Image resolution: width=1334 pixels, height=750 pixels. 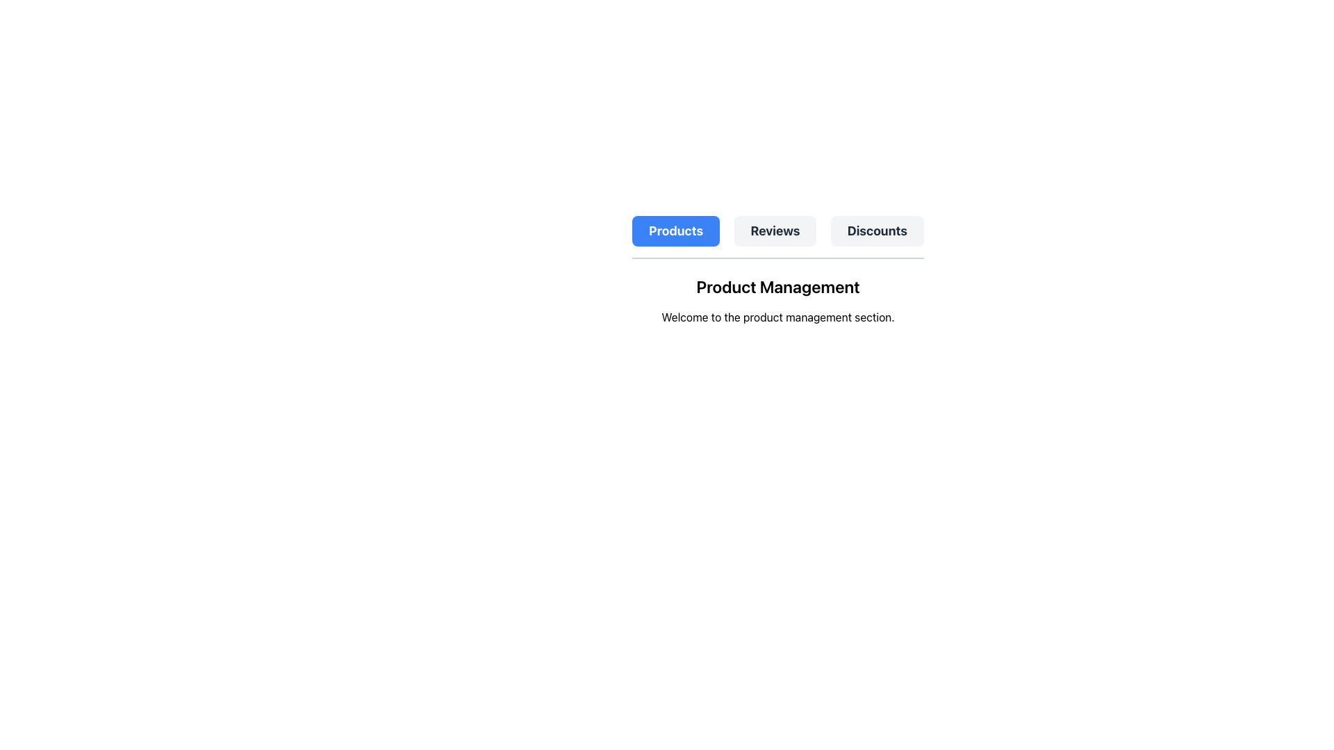 What do you see at coordinates (876, 230) in the screenshot?
I see `the third button labeled 'Discounts' with a white background and gray text` at bounding box center [876, 230].